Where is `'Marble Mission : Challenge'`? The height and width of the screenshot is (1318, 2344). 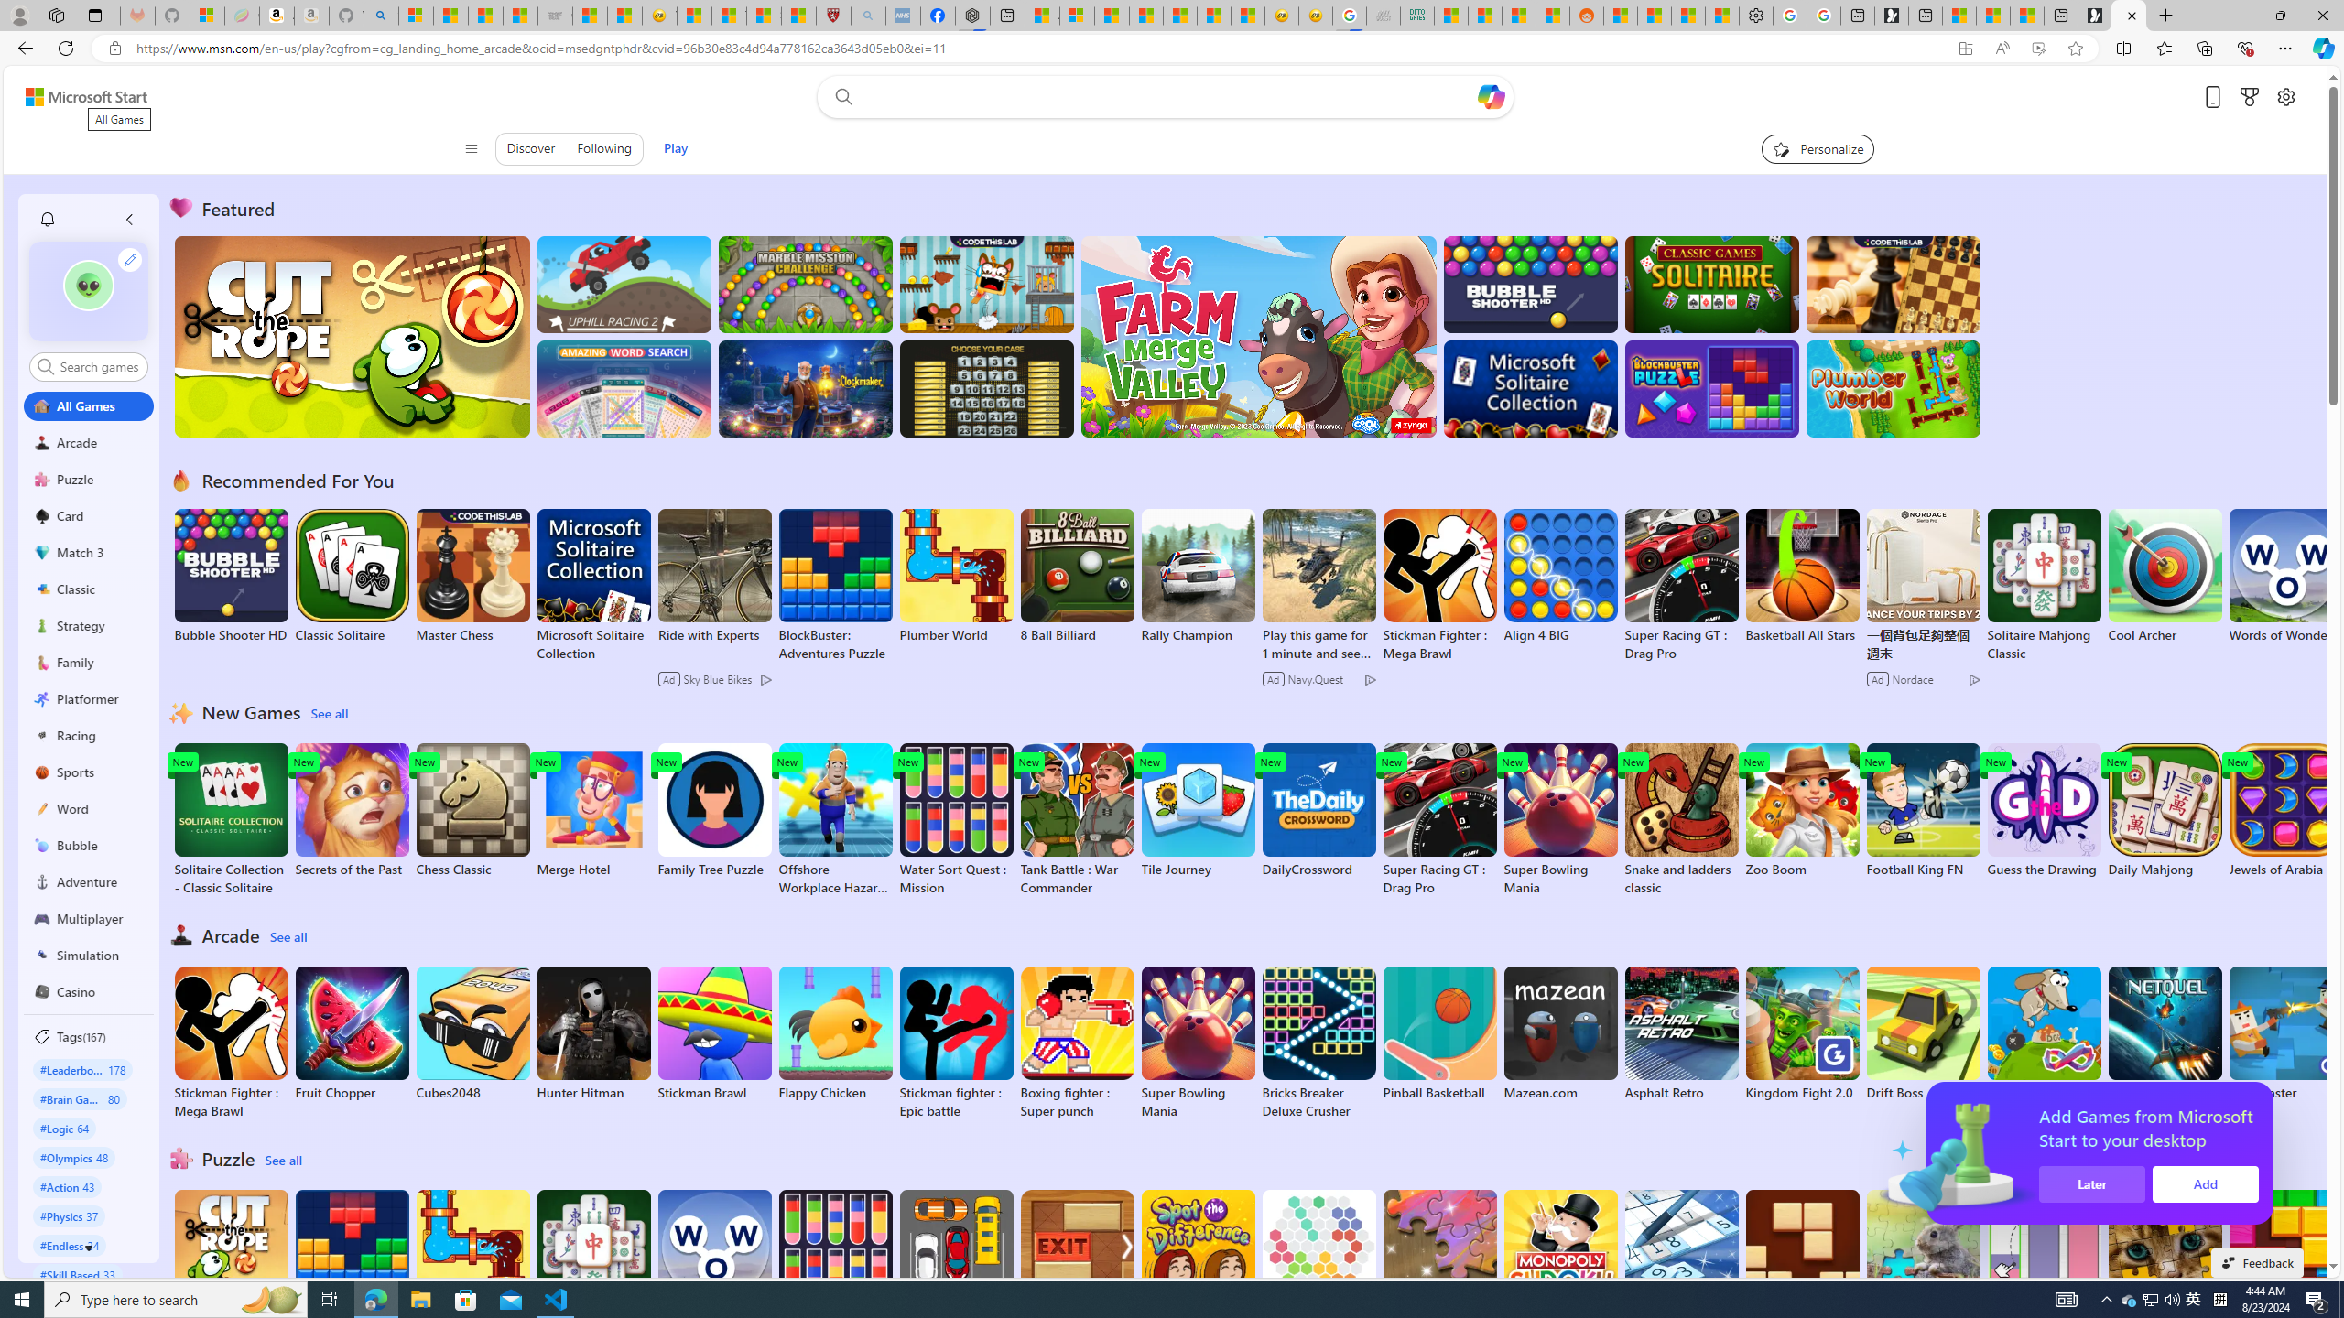
'Marble Mission : Challenge' is located at coordinates (805, 284).